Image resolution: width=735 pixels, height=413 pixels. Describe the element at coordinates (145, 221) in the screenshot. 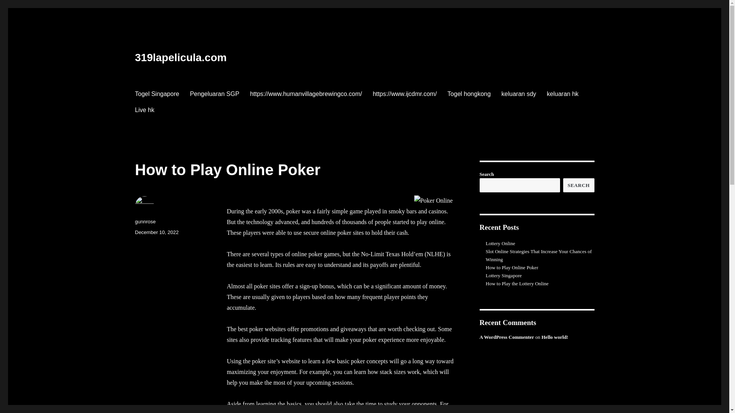

I see `'gunnrose'` at that location.